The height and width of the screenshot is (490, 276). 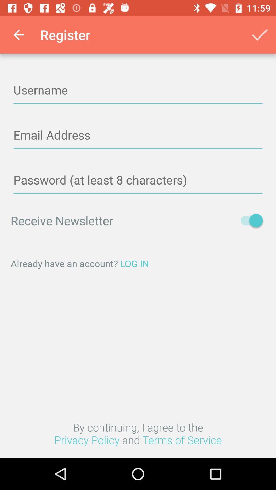 What do you see at coordinates (249, 220) in the screenshot?
I see `icon above already have an icon` at bounding box center [249, 220].